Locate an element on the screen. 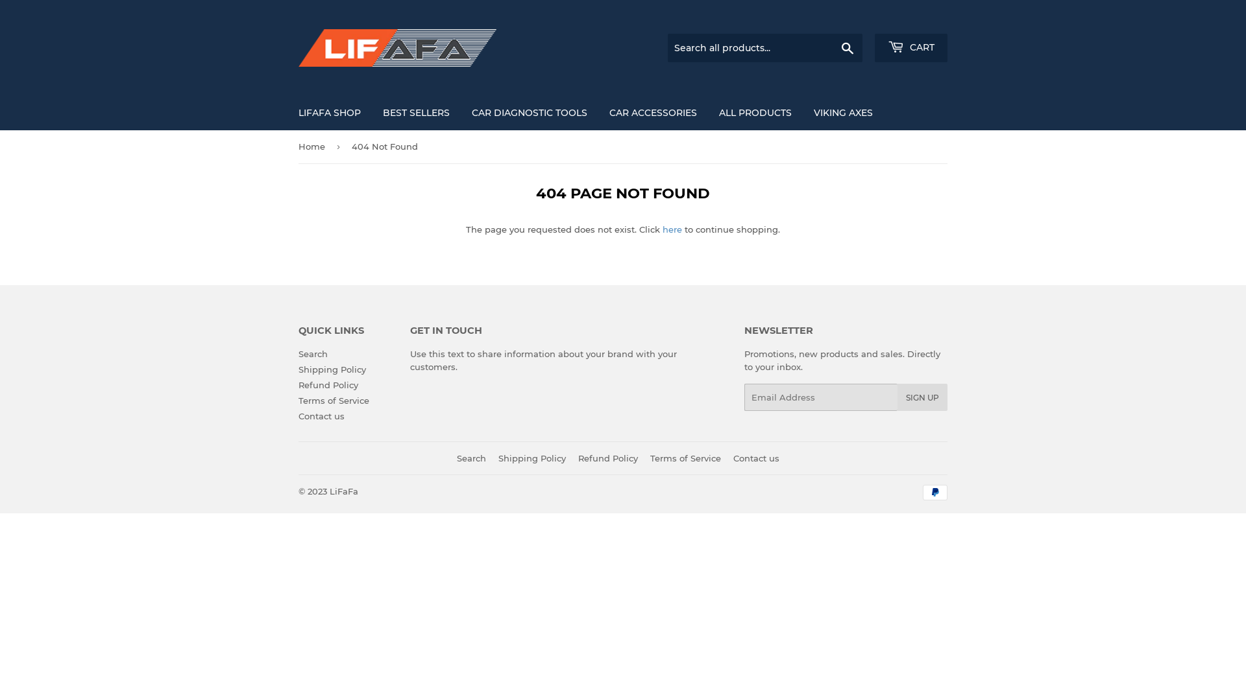  'CAR DIAGNOSTIC TOOLS' is located at coordinates (530, 111).